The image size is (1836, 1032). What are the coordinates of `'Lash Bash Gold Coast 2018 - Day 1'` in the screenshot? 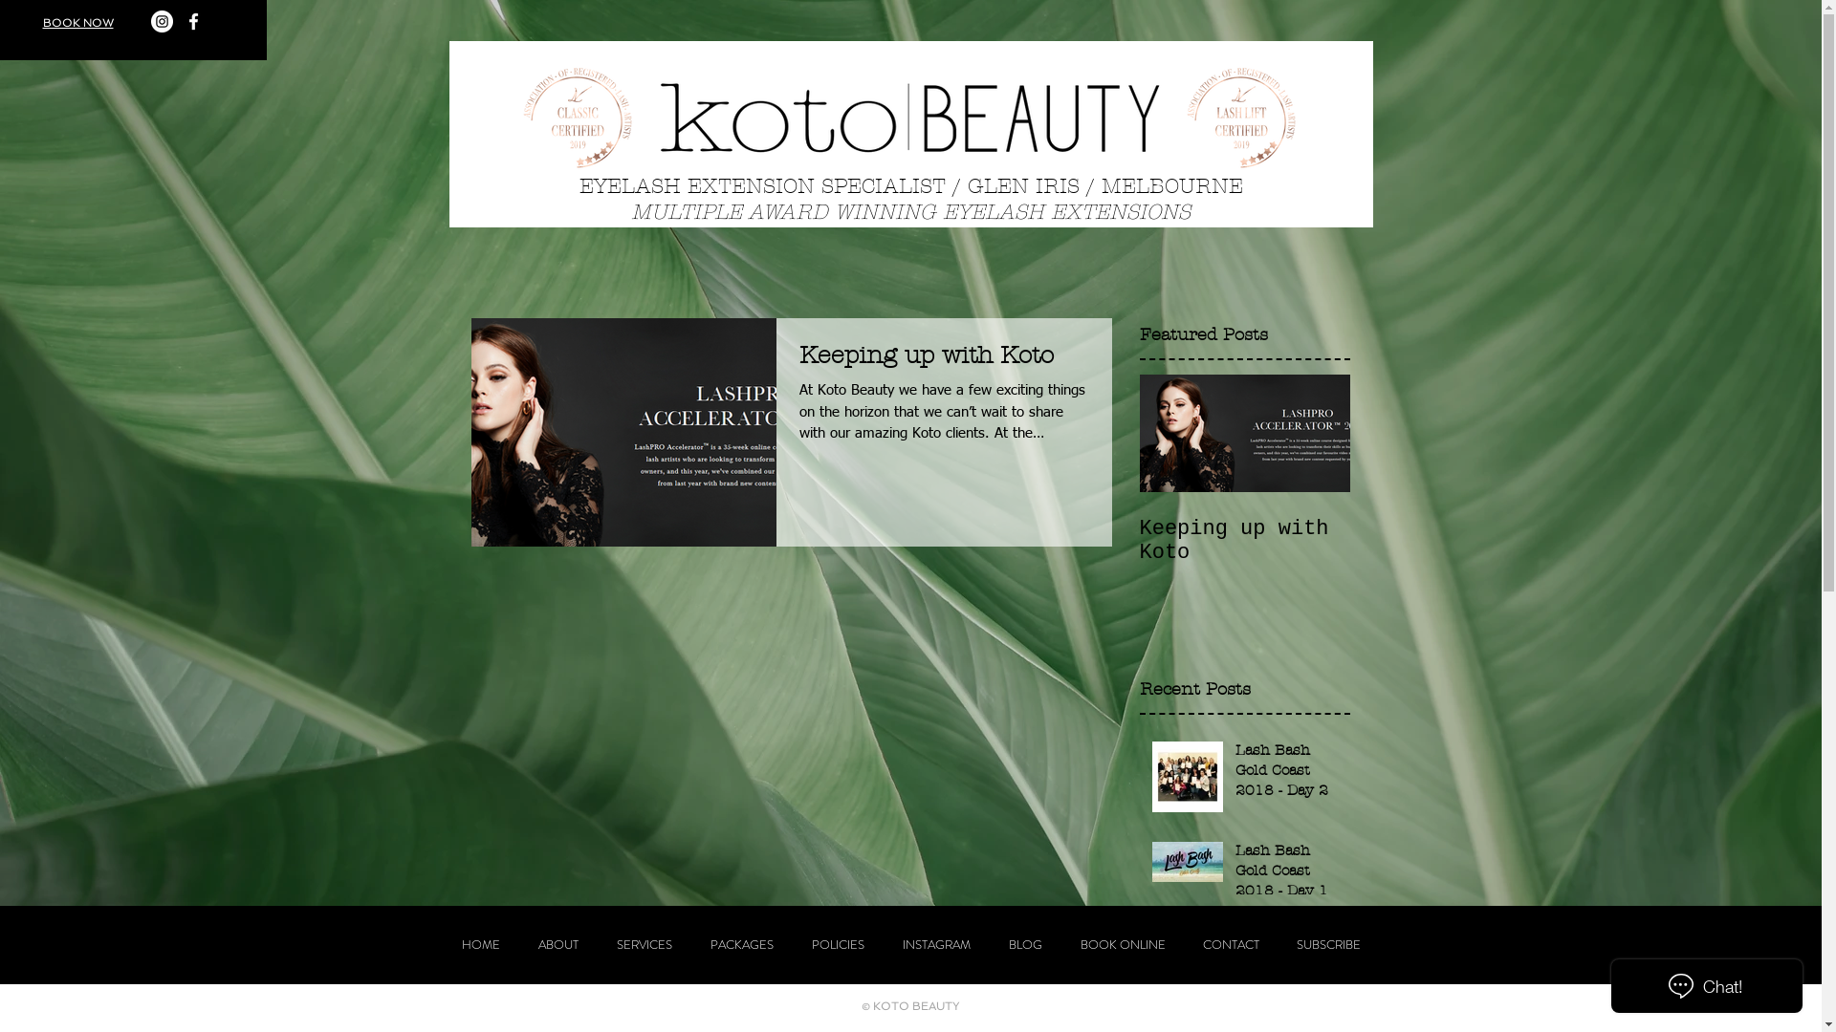 It's located at (1286, 874).